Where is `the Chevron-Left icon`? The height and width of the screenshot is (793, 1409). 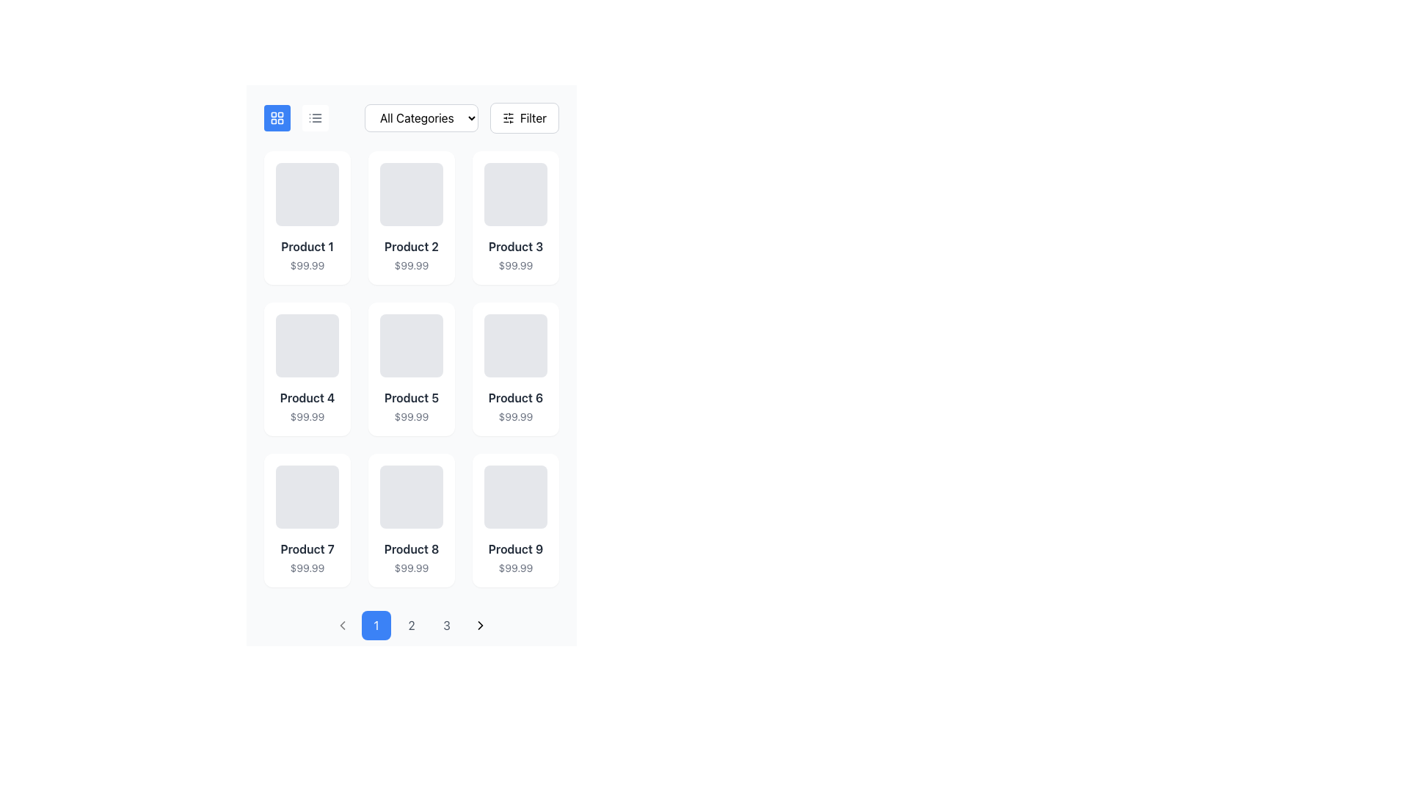 the Chevron-Left icon is located at coordinates (341, 626).